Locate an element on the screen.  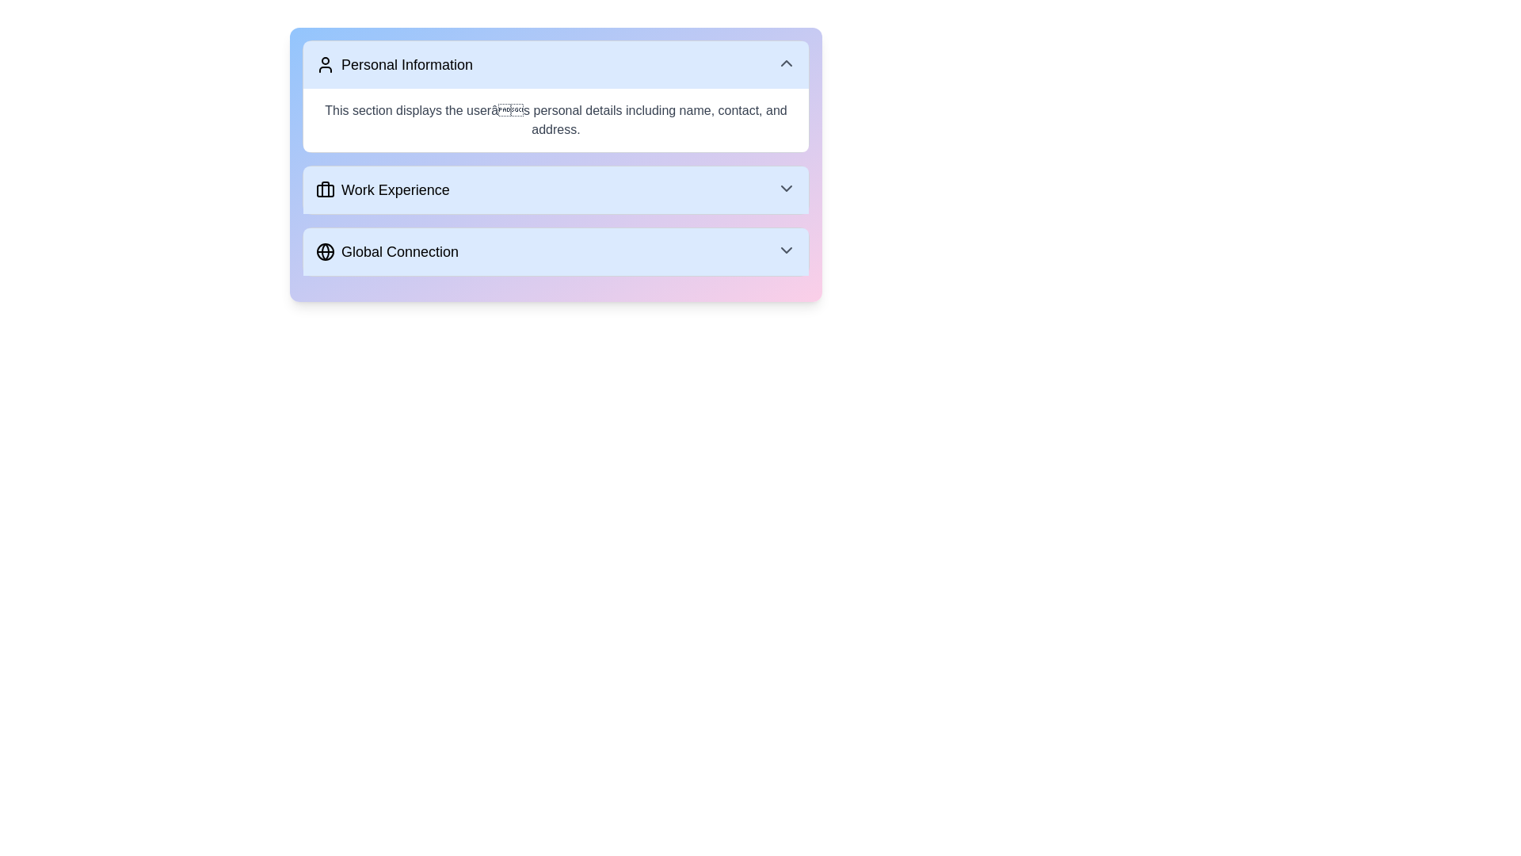
the Dropdown toggle icon located at the far right of the 'Work Experience' section header is located at coordinates (787, 188).